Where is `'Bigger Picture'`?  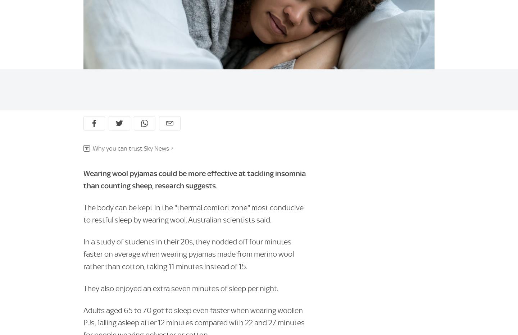 'Bigger Picture' is located at coordinates (377, 229).